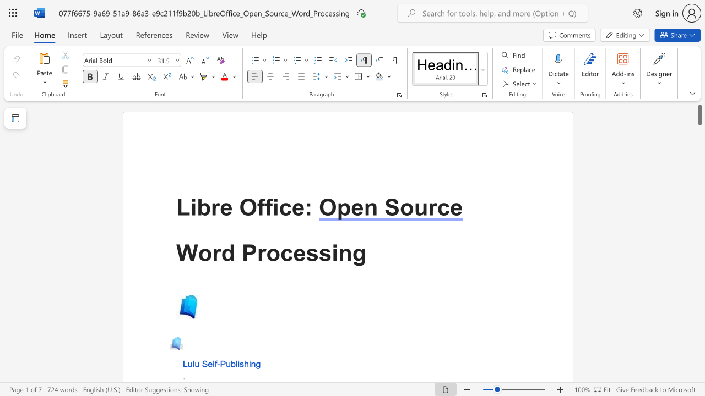 The height and width of the screenshot is (396, 705). What do you see at coordinates (275, 207) in the screenshot?
I see `the 2th character "i" in the text` at bounding box center [275, 207].